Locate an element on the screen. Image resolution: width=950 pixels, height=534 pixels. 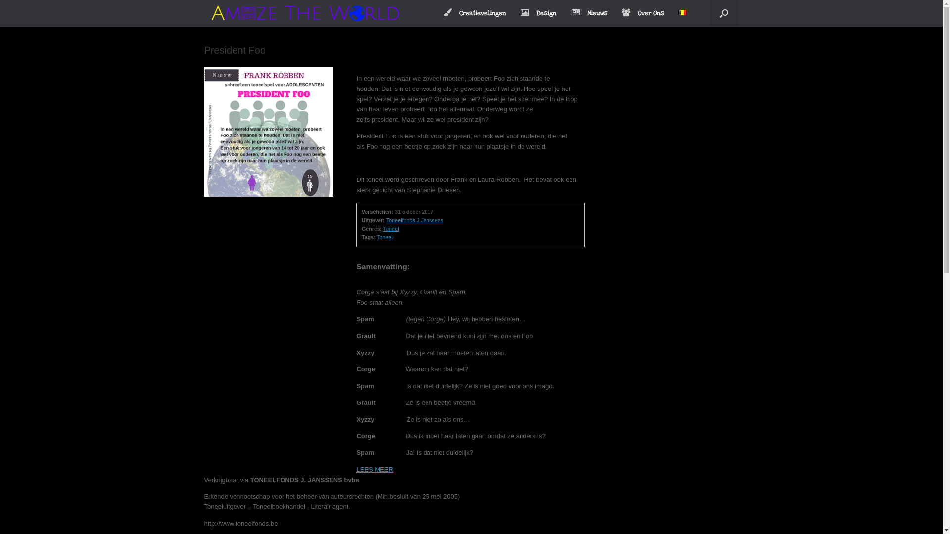
'Toneel' is located at coordinates (384, 237).